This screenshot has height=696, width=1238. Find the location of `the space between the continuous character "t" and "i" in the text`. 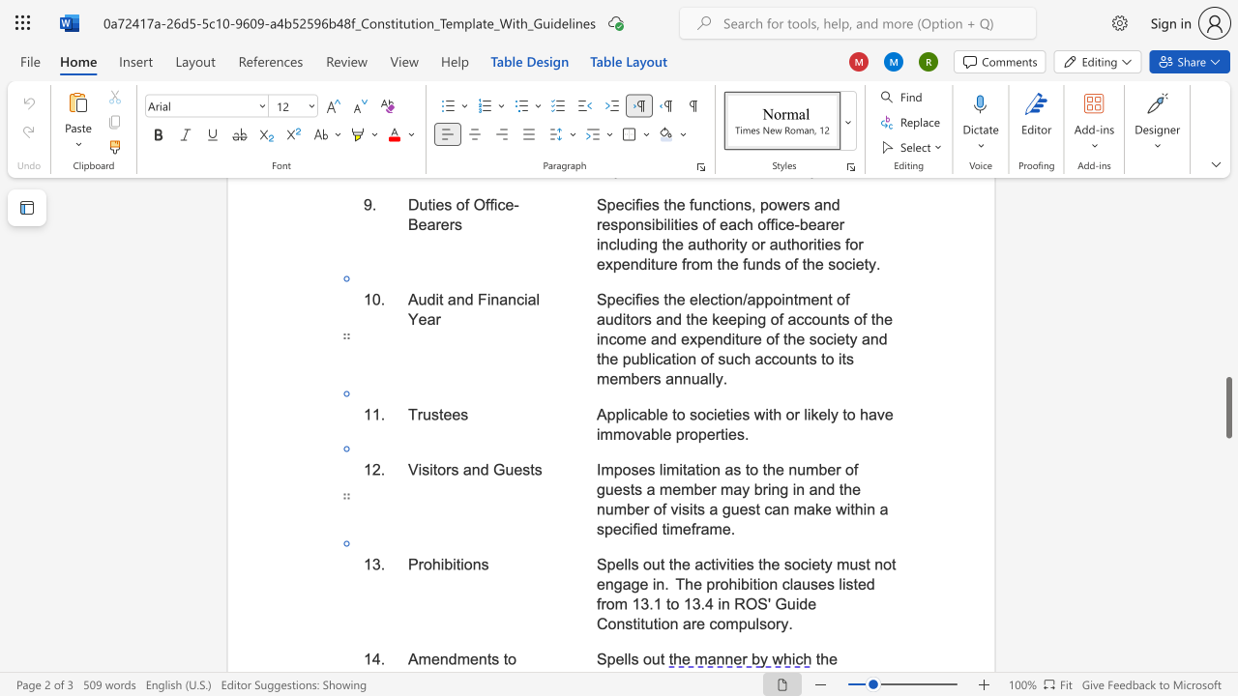

the space between the continuous character "t" and "i" in the text is located at coordinates (459, 564).